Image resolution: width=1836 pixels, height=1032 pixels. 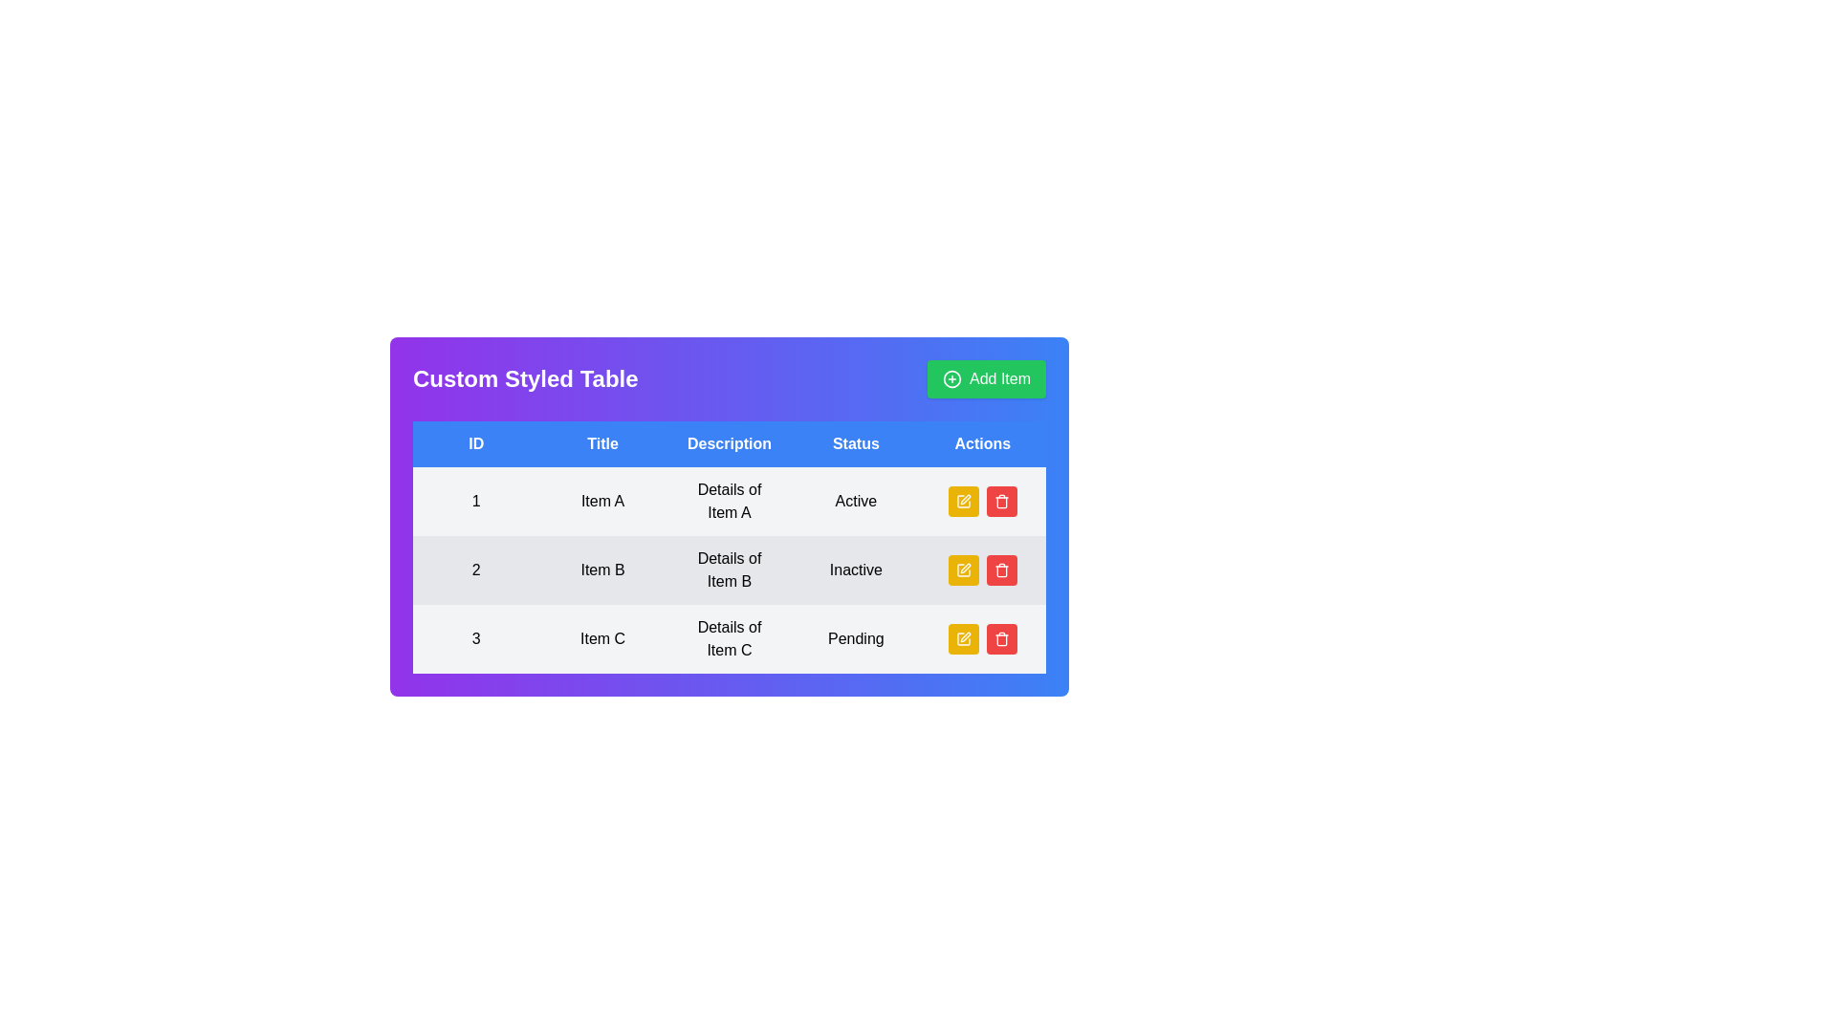 I want to click on the static text label located in the third row of the table under the 'Description' column, which is flanked by 'Item C' on the left and 'Pending' on the right, so click(x=729, y=638).